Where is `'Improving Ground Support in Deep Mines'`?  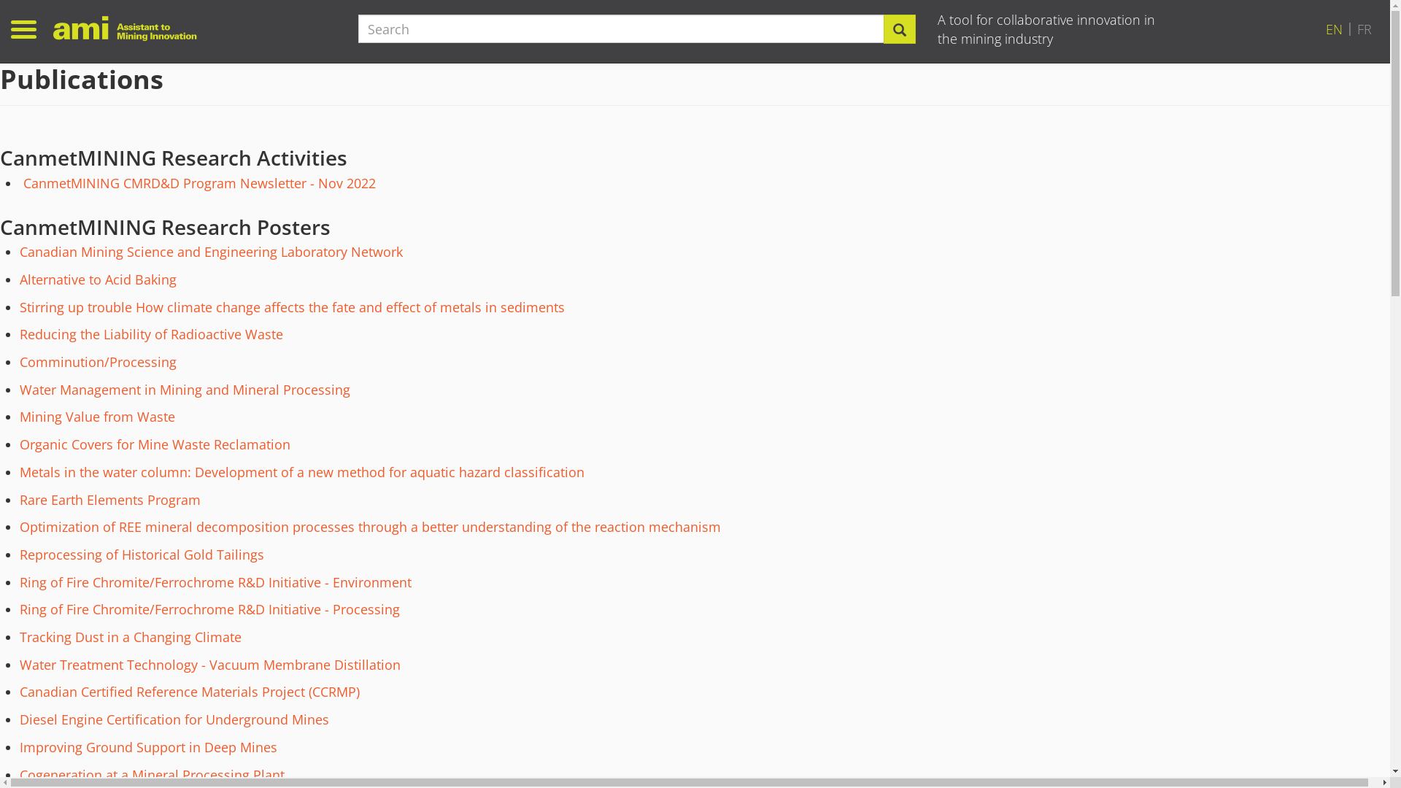
'Improving Ground Support in Deep Mines' is located at coordinates (148, 746).